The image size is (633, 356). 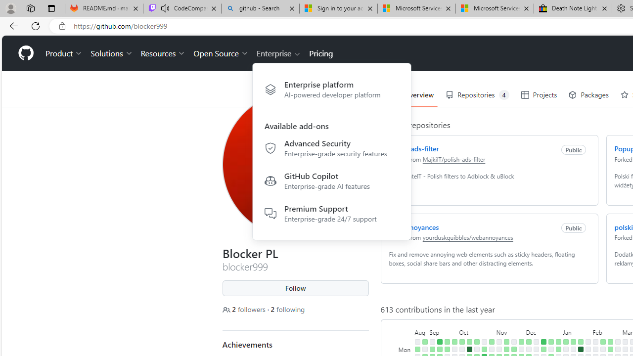 What do you see at coordinates (510, 331) in the screenshot?
I see `'November'` at bounding box center [510, 331].